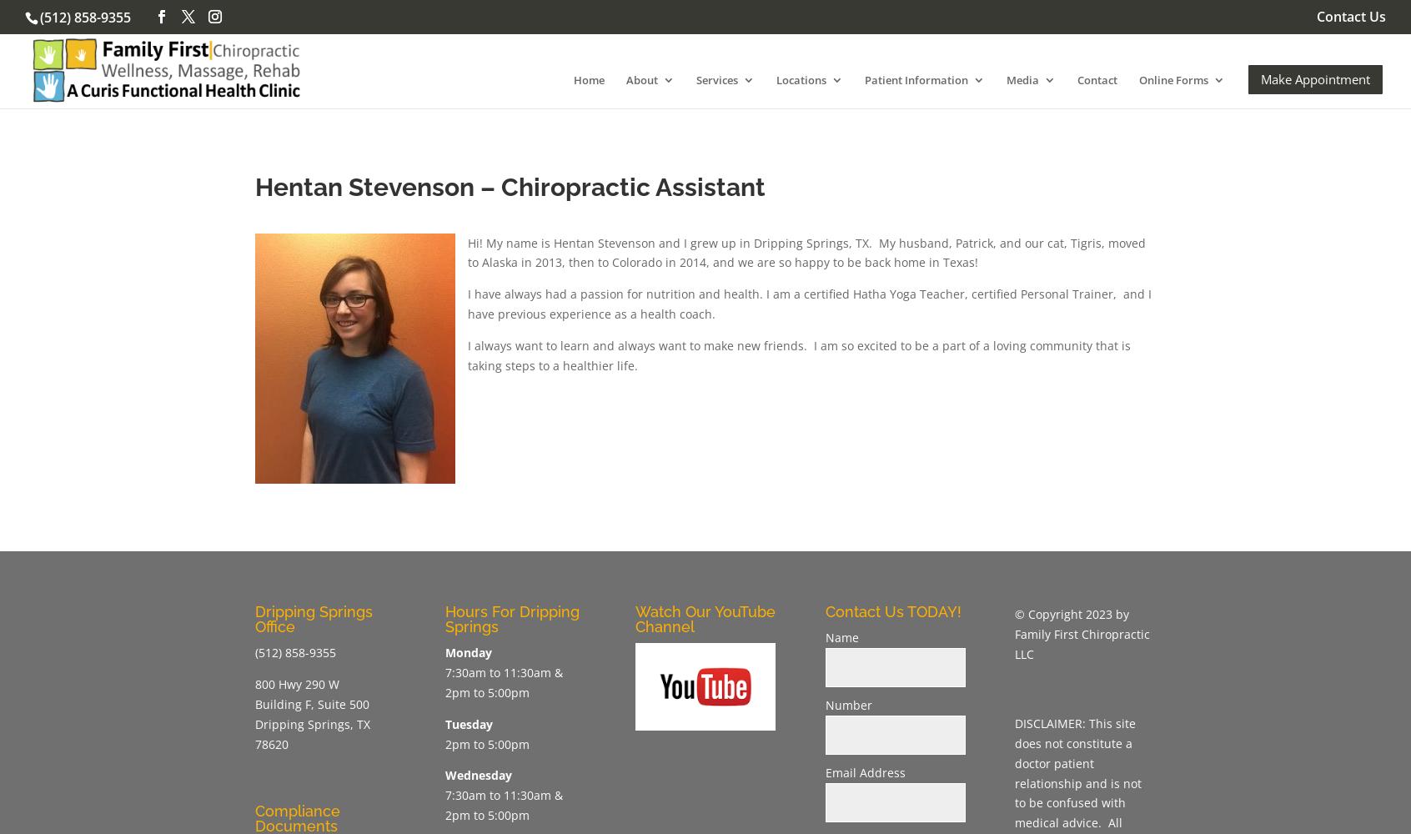 Image resolution: width=1411 pixels, height=834 pixels. Describe the element at coordinates (764, 279) in the screenshot. I see `'Digital X-rays'` at that location.